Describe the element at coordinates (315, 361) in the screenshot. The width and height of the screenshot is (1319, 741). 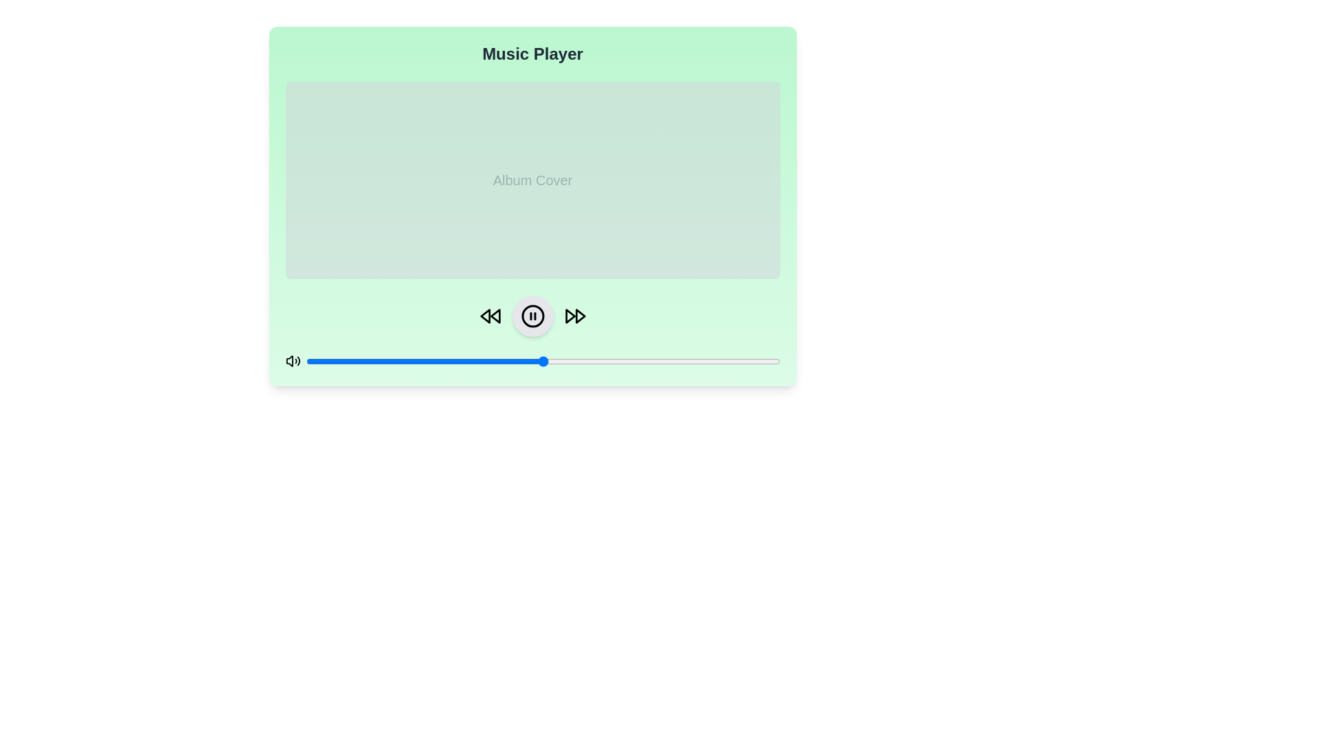
I see `the slider position` at that location.